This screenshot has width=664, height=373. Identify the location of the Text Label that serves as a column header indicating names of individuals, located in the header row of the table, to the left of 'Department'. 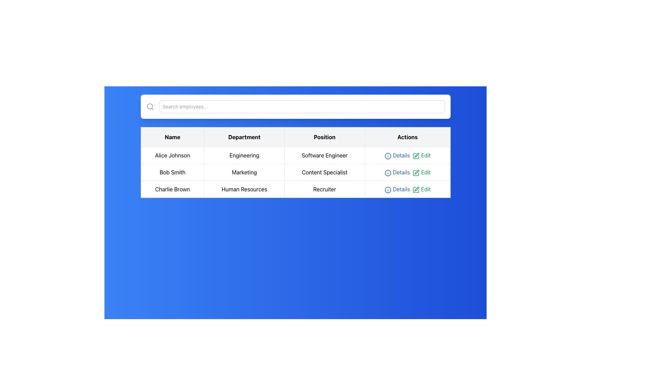
(173, 137).